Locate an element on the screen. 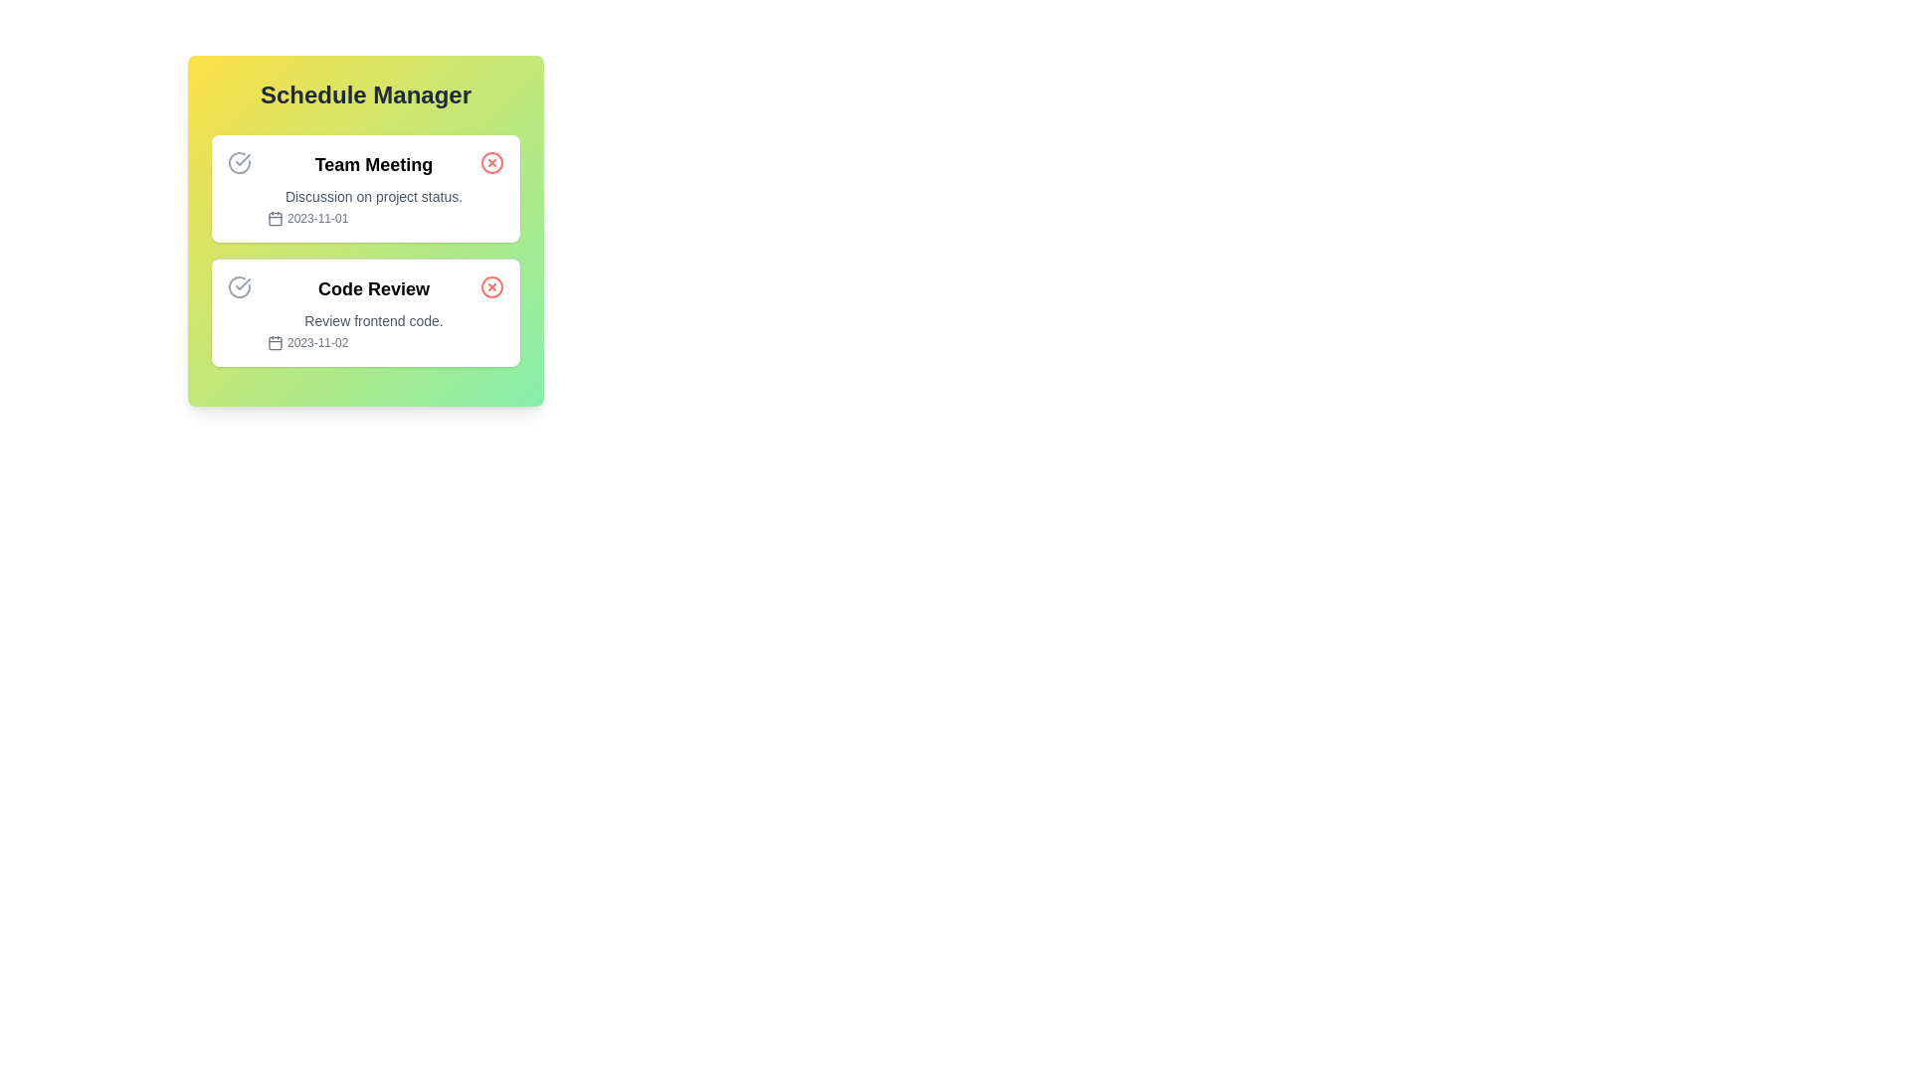 Image resolution: width=1910 pixels, height=1074 pixels. text of the title Text Label at the top of the schedule manager interface, which indicates its purpose is located at coordinates (366, 95).